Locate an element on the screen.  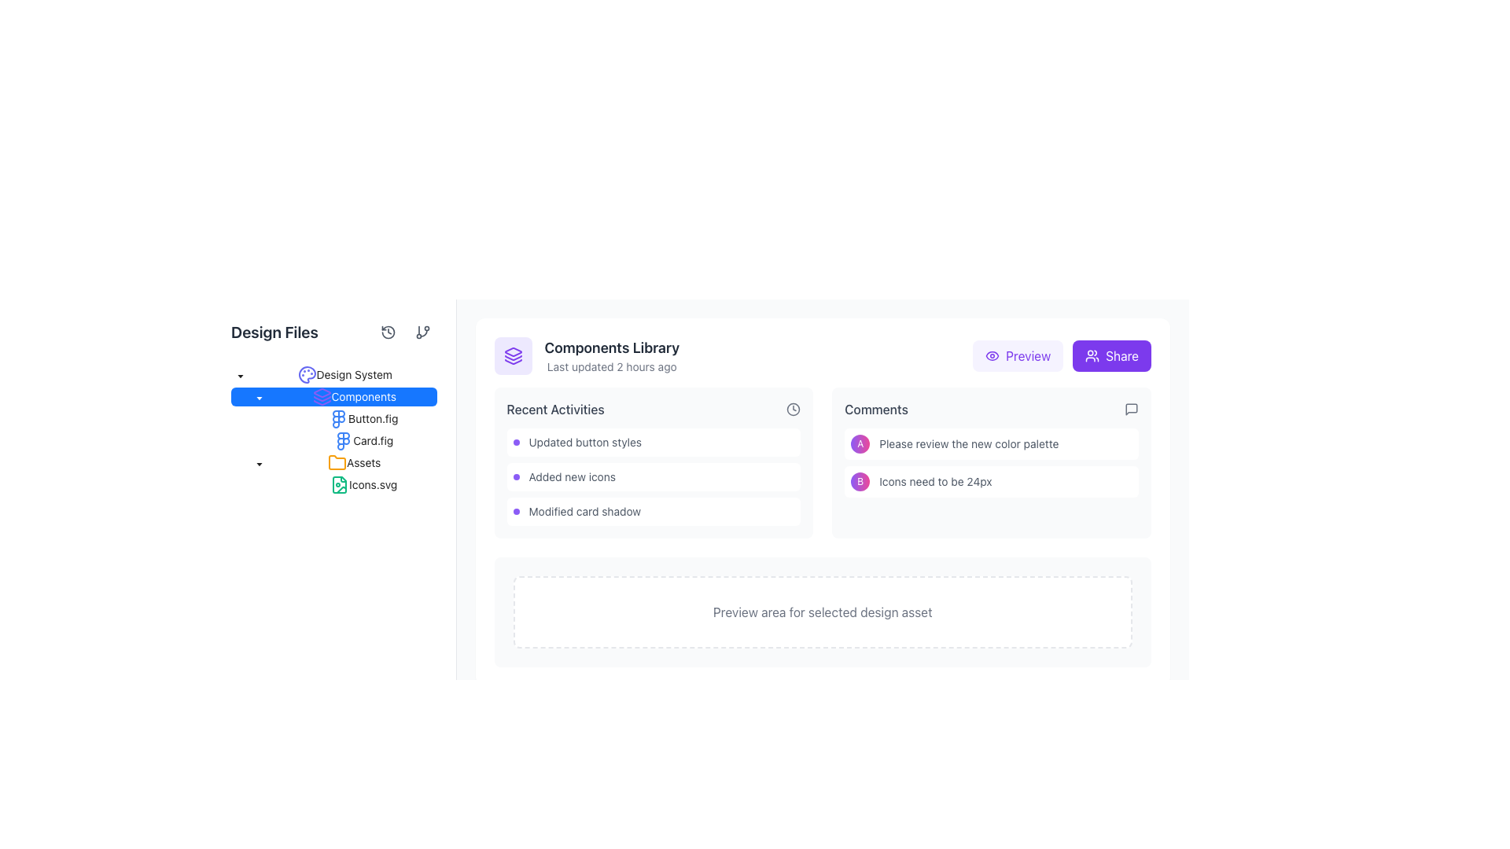
the 'Button.fig' file item located under the 'Components' folder in the left-hand sidebar of the interface is located at coordinates (372, 417).